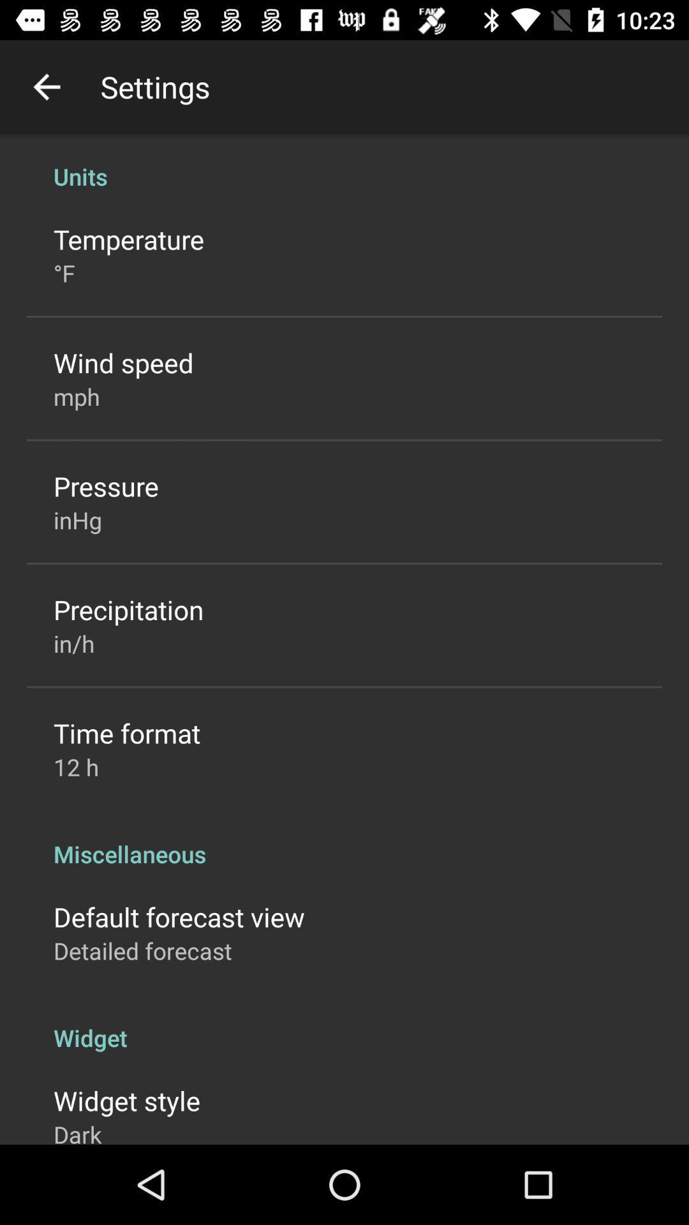 The width and height of the screenshot is (689, 1225). Describe the element at coordinates (77, 520) in the screenshot. I see `item below pressure item` at that location.